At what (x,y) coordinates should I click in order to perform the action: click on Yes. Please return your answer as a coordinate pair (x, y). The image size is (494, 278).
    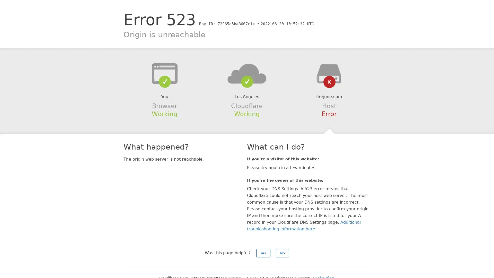
    Looking at the image, I should click on (263, 253).